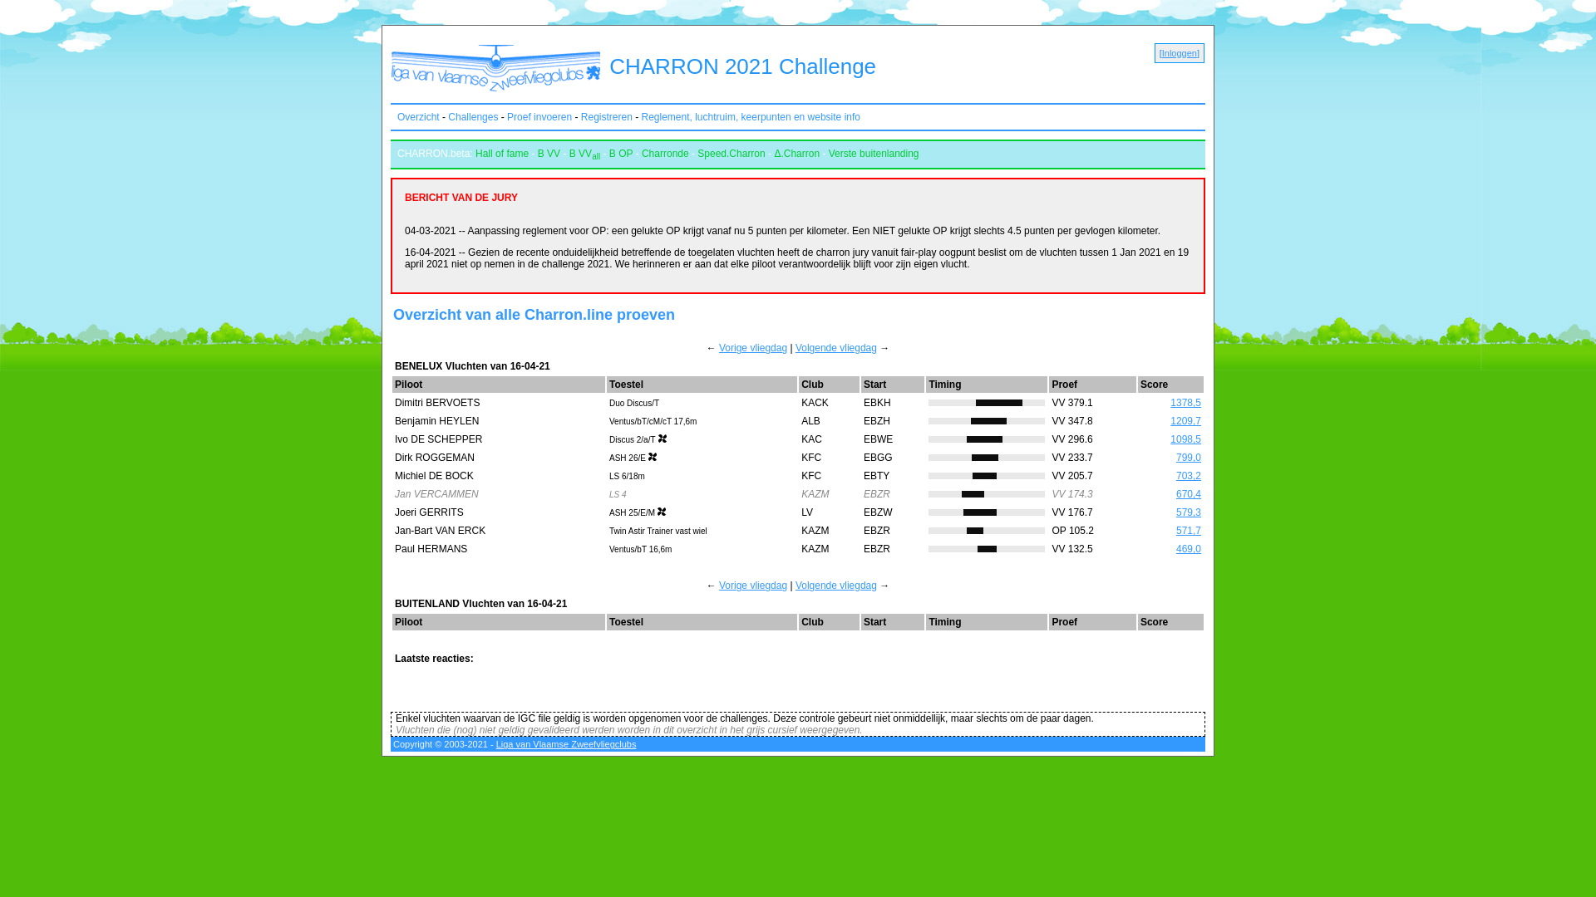  What do you see at coordinates (1169, 419) in the screenshot?
I see `'1209,7'` at bounding box center [1169, 419].